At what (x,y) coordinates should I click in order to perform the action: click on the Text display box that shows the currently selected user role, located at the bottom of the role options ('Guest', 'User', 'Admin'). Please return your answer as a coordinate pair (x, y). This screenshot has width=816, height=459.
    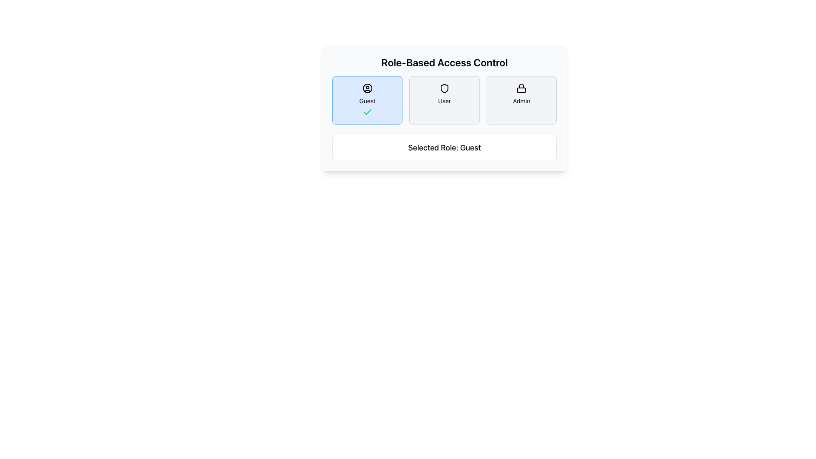
    Looking at the image, I should click on (444, 147).